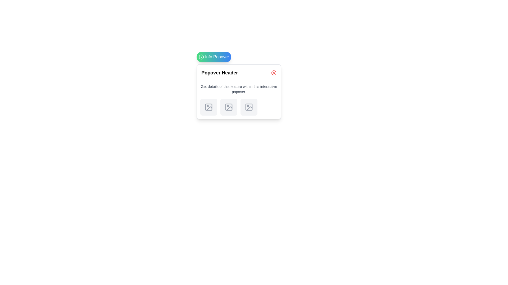 This screenshot has width=508, height=285. I want to click on the illustrative icon representing 'no image available' or 'image-related action' located on the rightmost side within the 'Popover Header' box, so click(249, 107).